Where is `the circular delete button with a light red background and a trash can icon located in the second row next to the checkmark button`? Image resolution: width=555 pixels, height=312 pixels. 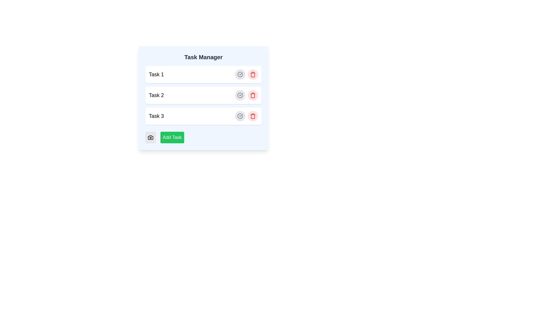
the circular delete button with a light red background and a trash can icon located in the second row next to the checkmark button is located at coordinates (253, 95).